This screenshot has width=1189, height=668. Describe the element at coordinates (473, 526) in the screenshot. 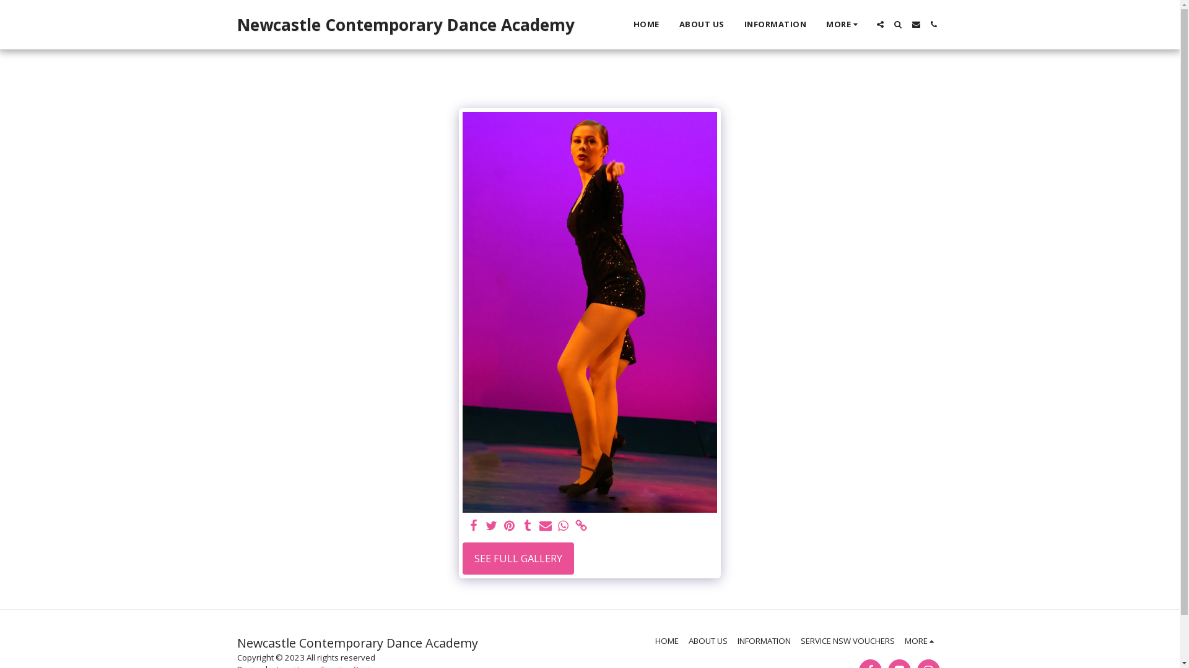

I see `'Share on Facebook'` at that location.